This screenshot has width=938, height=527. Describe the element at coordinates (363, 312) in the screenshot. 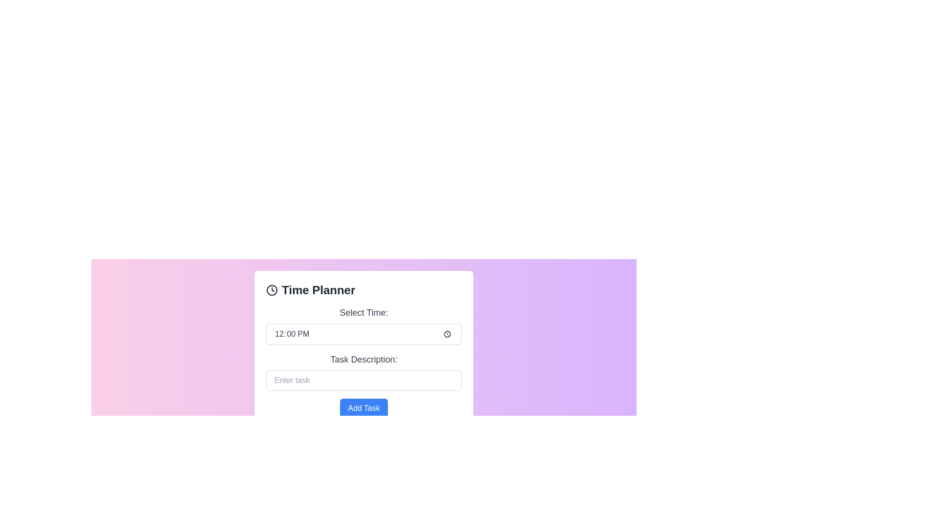

I see `the label that indicates the purpose of the time input field, which is positioned at the top of the section directly above the input` at that location.